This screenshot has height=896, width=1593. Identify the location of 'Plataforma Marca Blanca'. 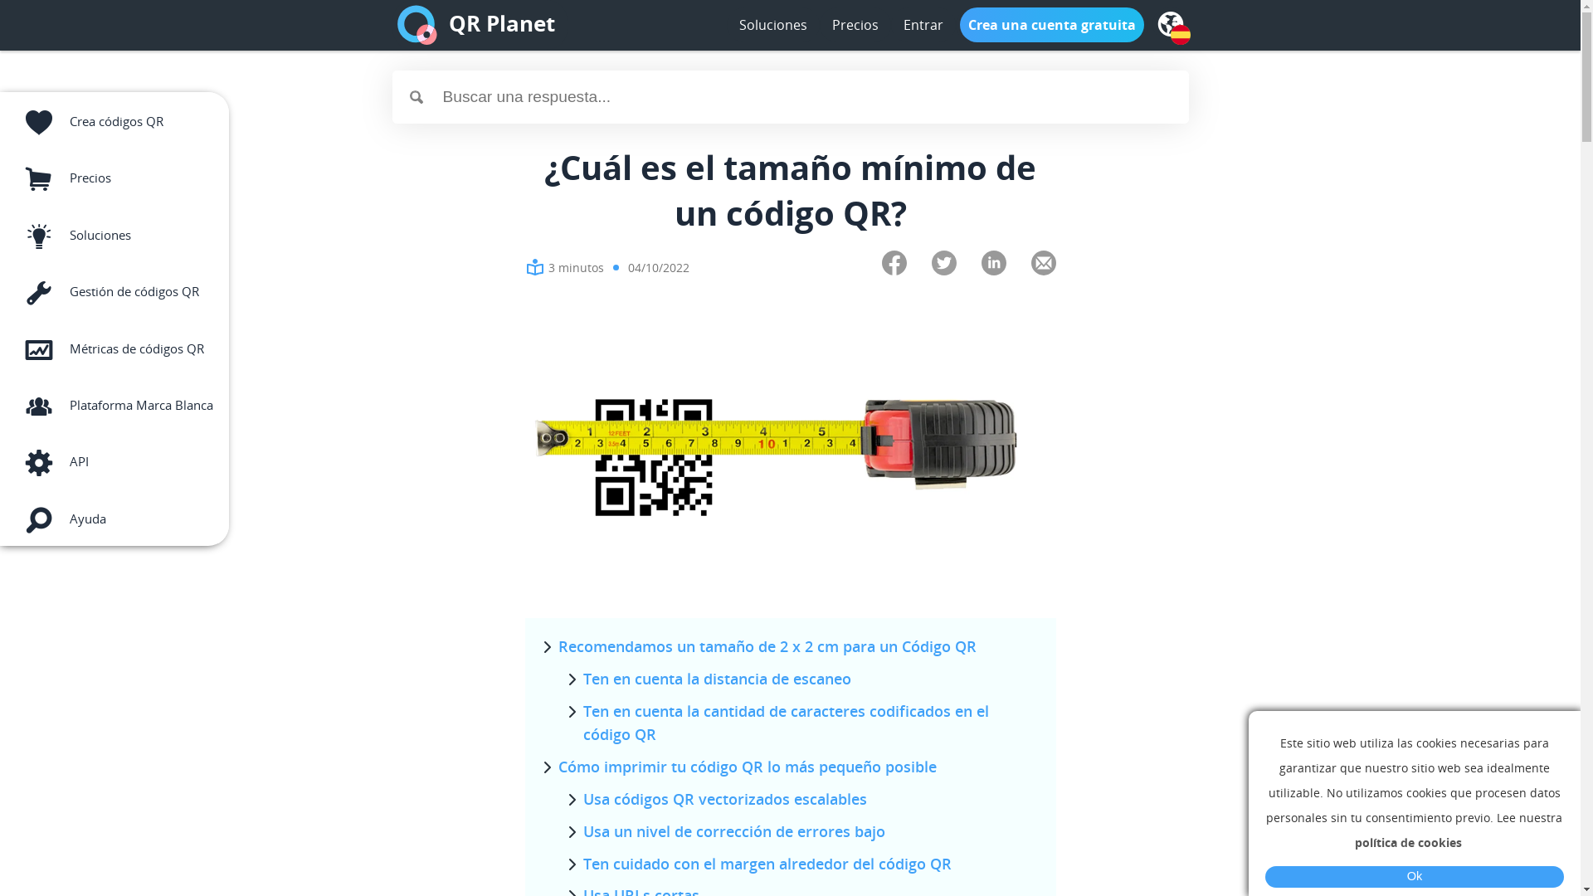
(114, 402).